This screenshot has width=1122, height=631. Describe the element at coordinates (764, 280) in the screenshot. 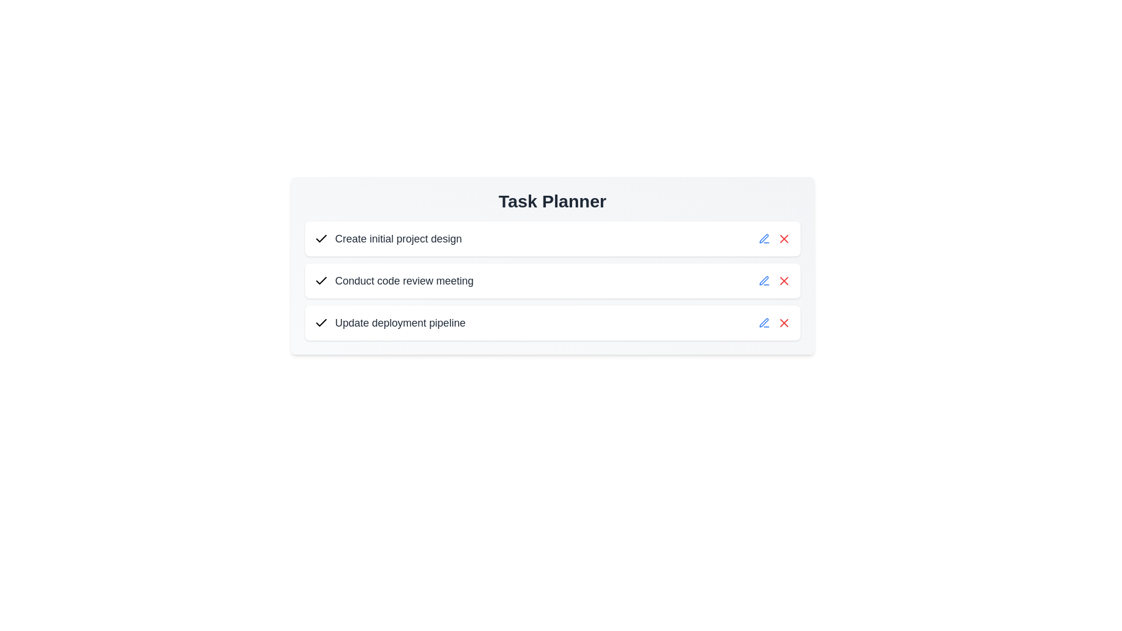

I see `the blue pen icon used for editing, located next to the task labeled 'Conduct code review meeting'` at that location.